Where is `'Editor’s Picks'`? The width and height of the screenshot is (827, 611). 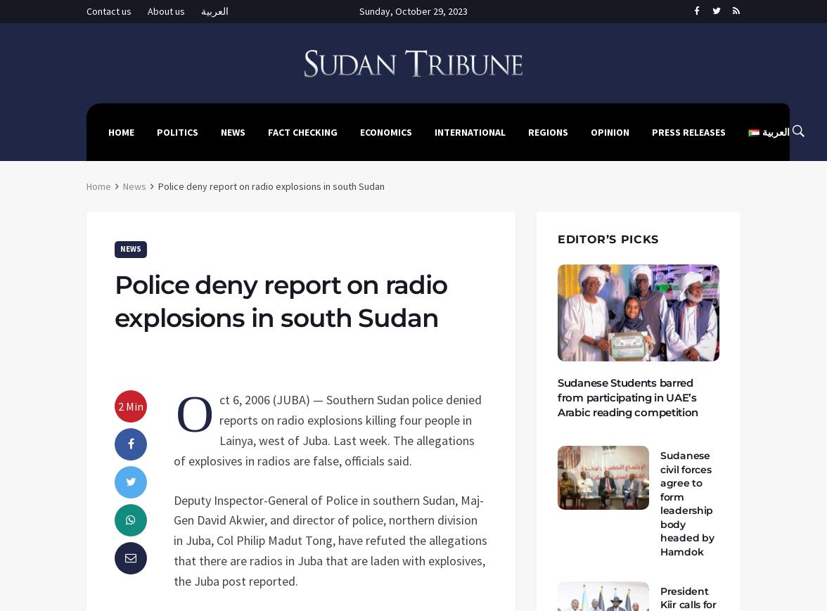 'Editor’s Picks' is located at coordinates (608, 238).